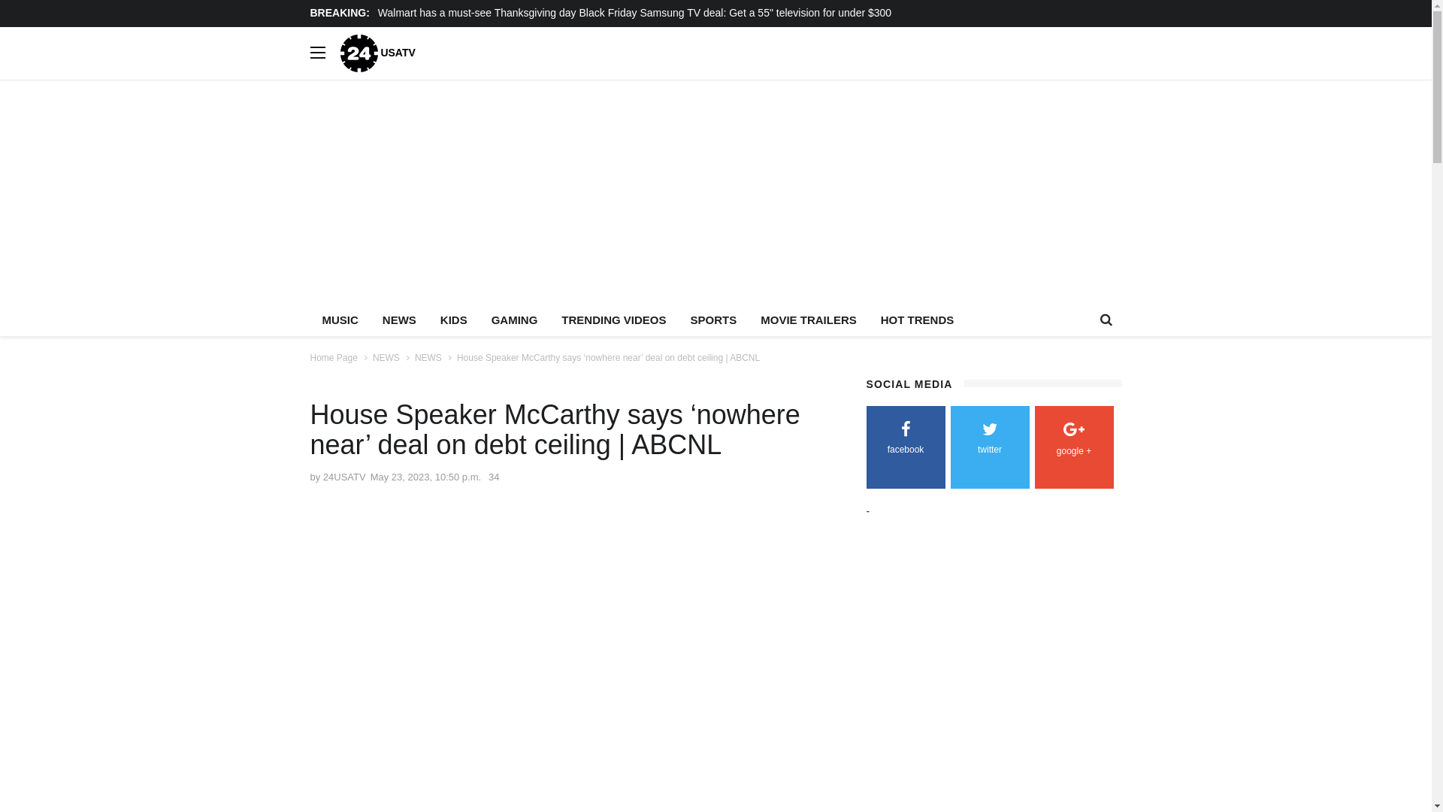 The image size is (1443, 812). Describe the element at coordinates (338, 319) in the screenshot. I see `'MUSIC'` at that location.